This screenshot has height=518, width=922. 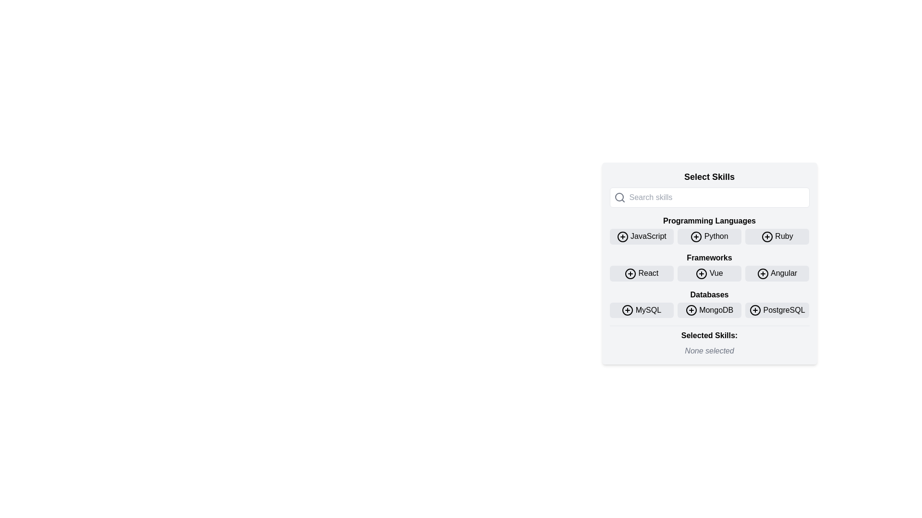 What do you see at coordinates (691, 310) in the screenshot?
I see `the Icon button located on the left side of the 'MongoDB' button` at bounding box center [691, 310].